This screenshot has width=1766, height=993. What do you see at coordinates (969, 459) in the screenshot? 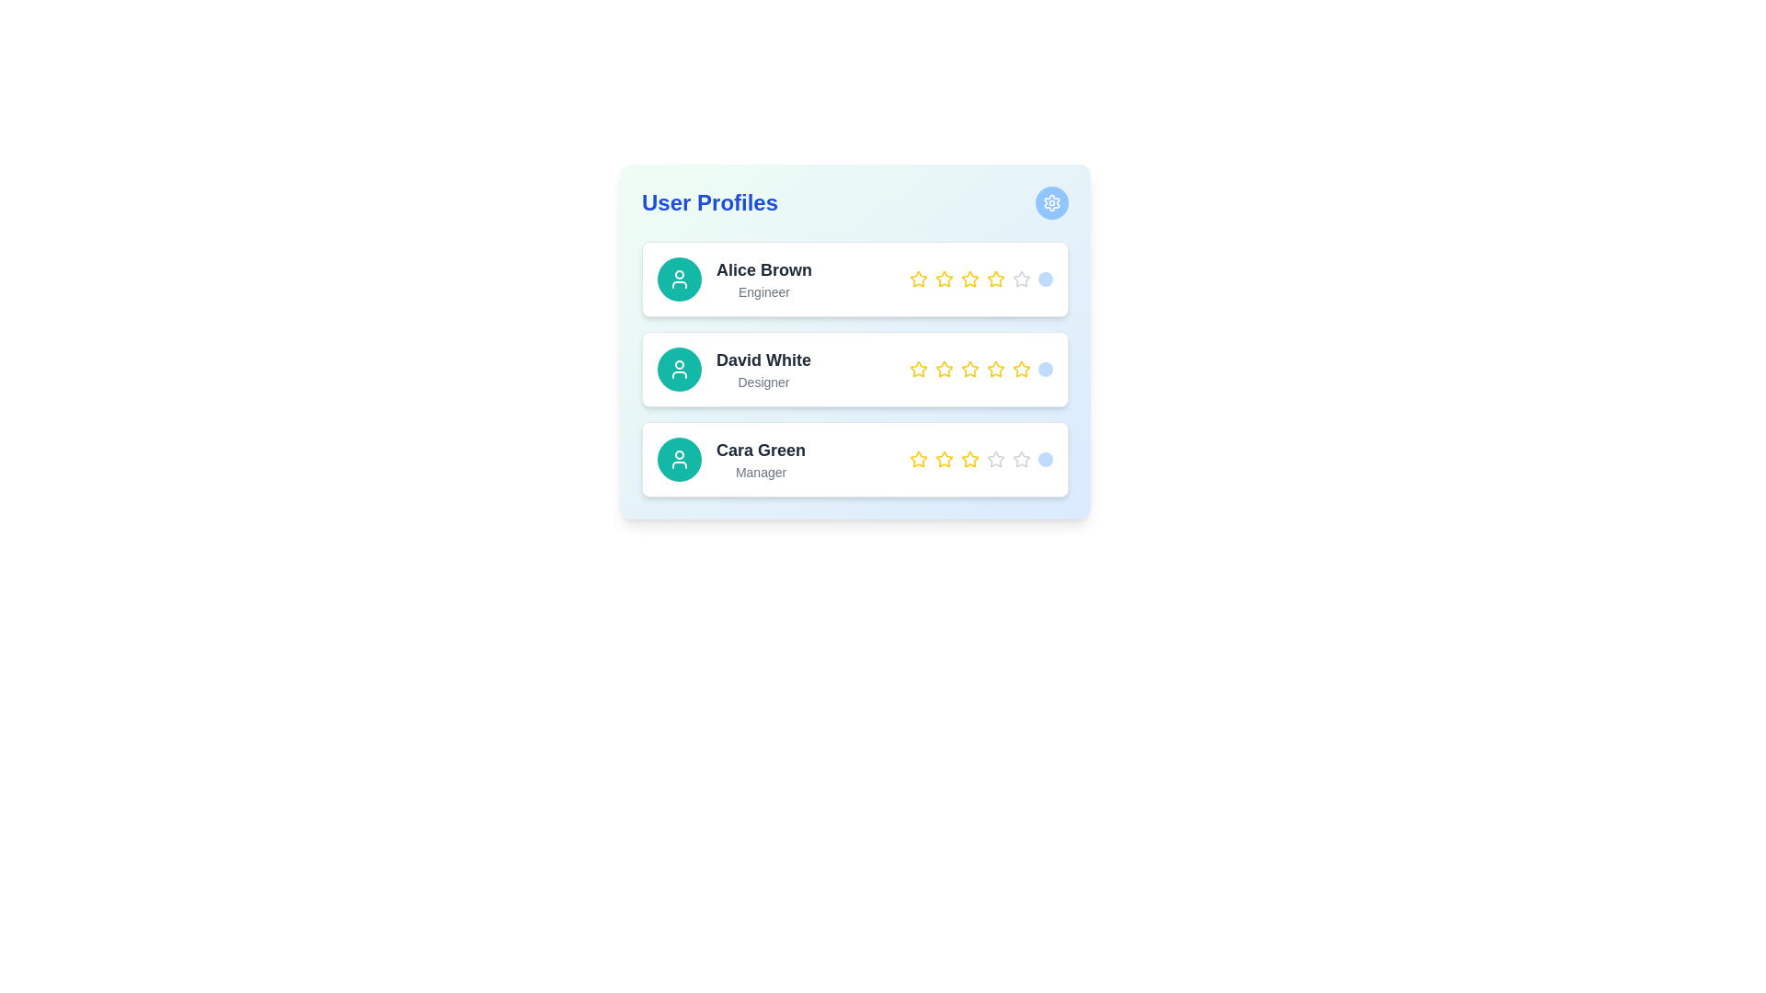
I see `the fifth yellow rating star icon associated with the user 'Cara Green'` at bounding box center [969, 459].